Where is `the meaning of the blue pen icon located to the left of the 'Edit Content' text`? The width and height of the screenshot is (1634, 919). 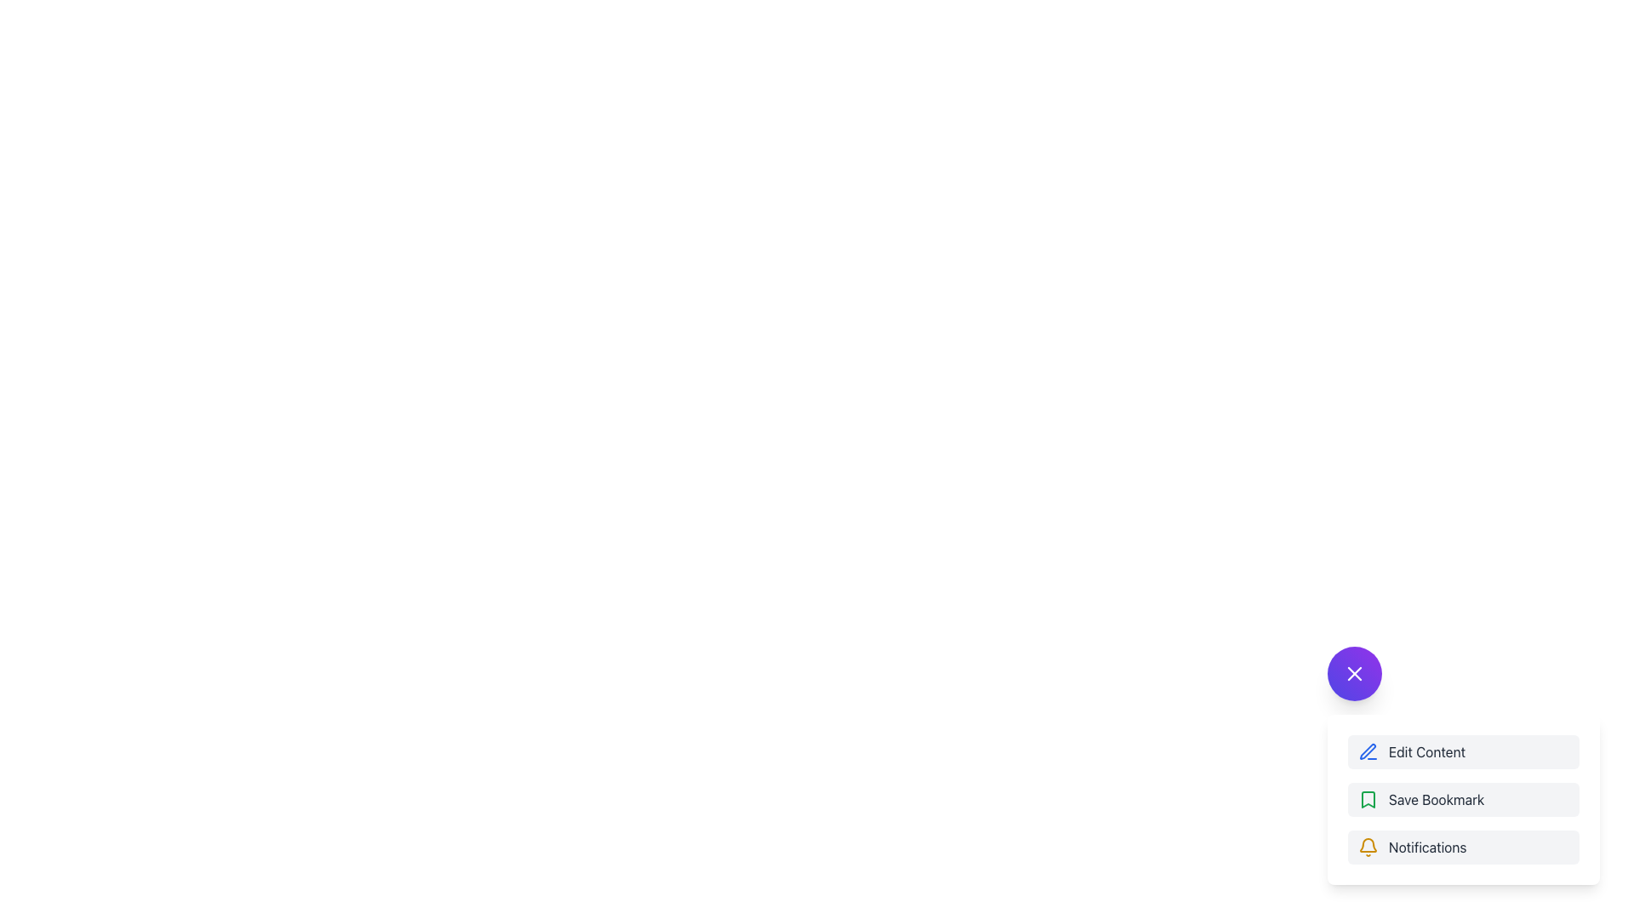
the meaning of the blue pen icon located to the left of the 'Edit Content' text is located at coordinates (1368, 751).